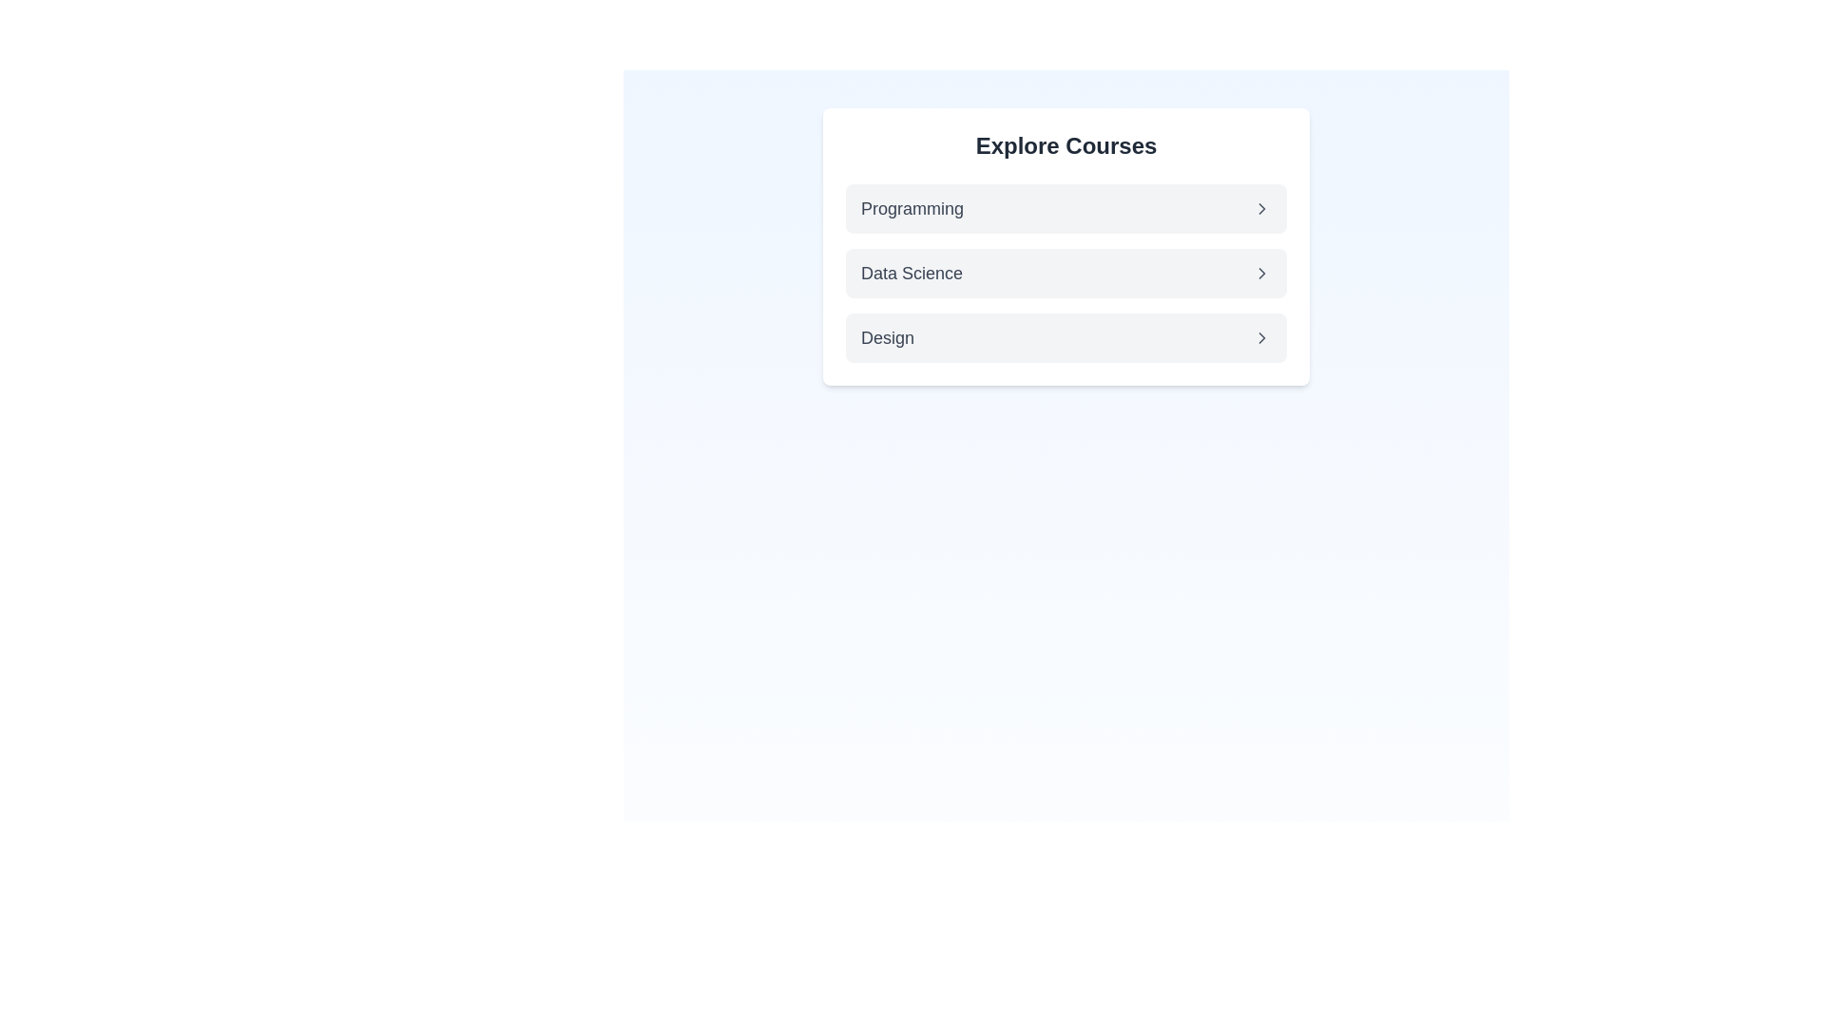 The height and width of the screenshot is (1026, 1825). Describe the element at coordinates (911, 274) in the screenshot. I see `the 'Data Science' text label which is displayed in a medium gray font as a header in the course categories menu, positioned between 'Programming' and 'Design'` at that location.